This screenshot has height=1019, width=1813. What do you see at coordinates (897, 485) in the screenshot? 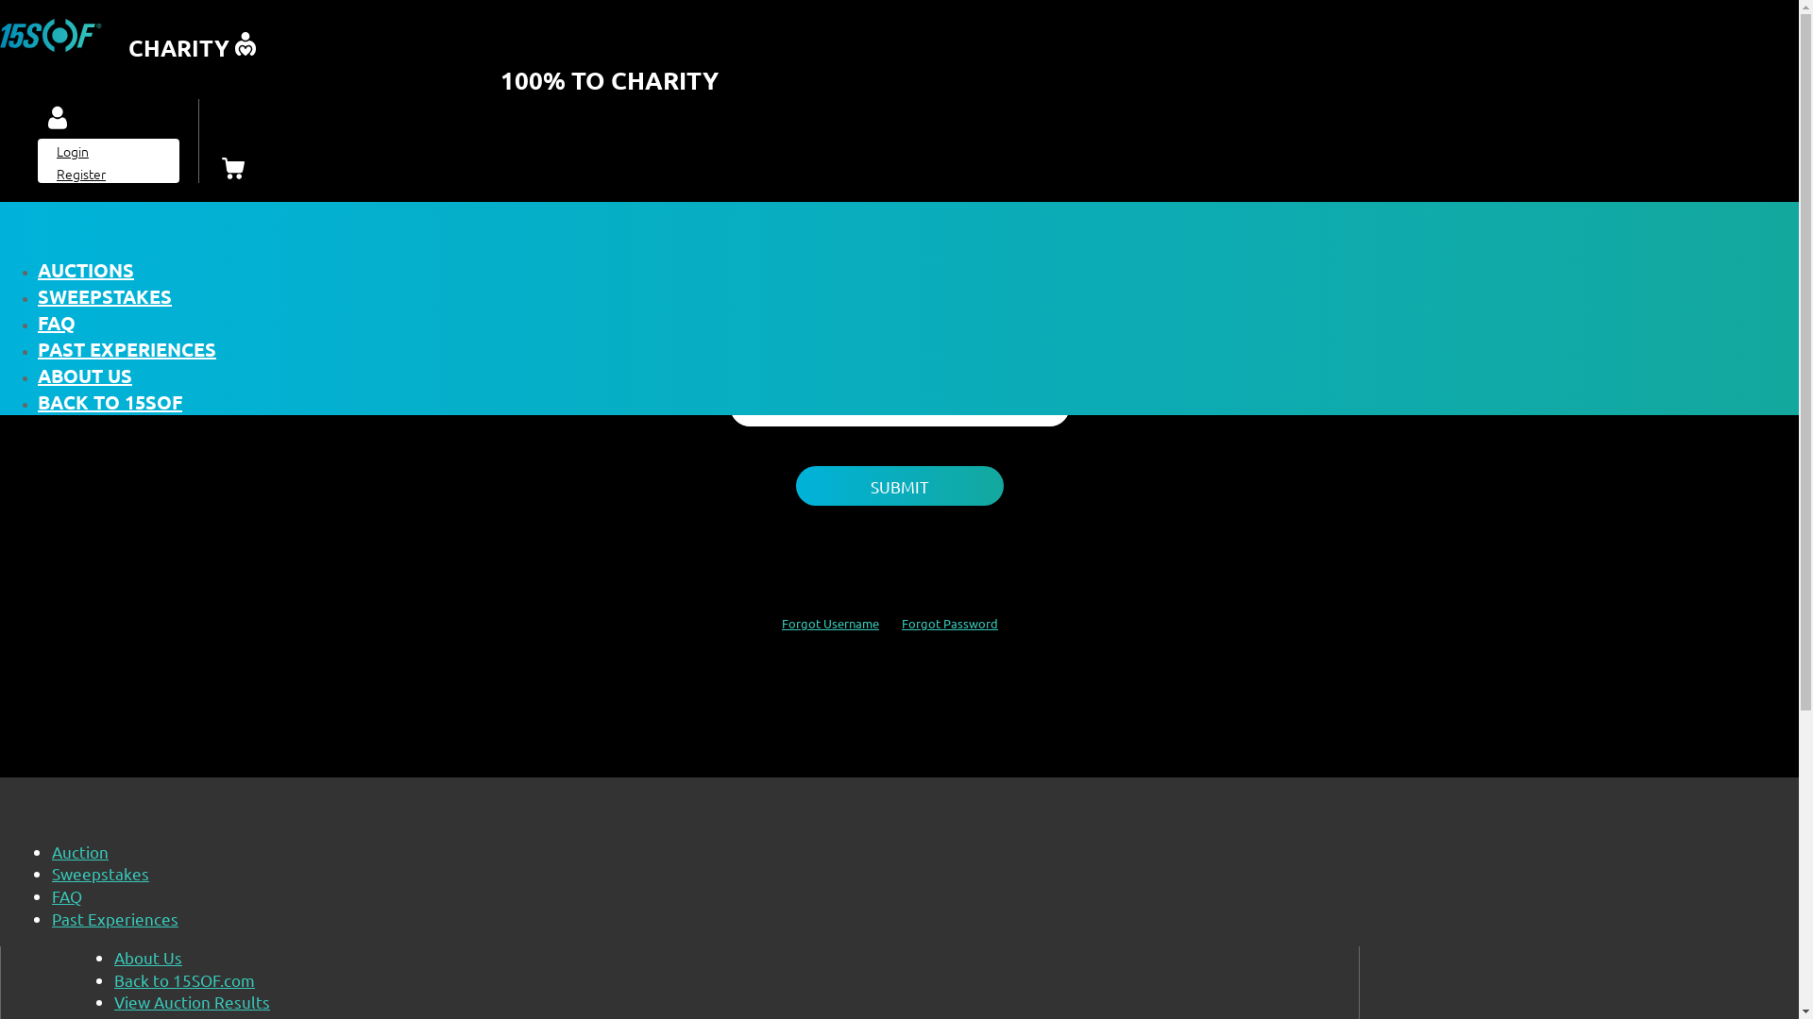
I see `'Submit'` at bounding box center [897, 485].